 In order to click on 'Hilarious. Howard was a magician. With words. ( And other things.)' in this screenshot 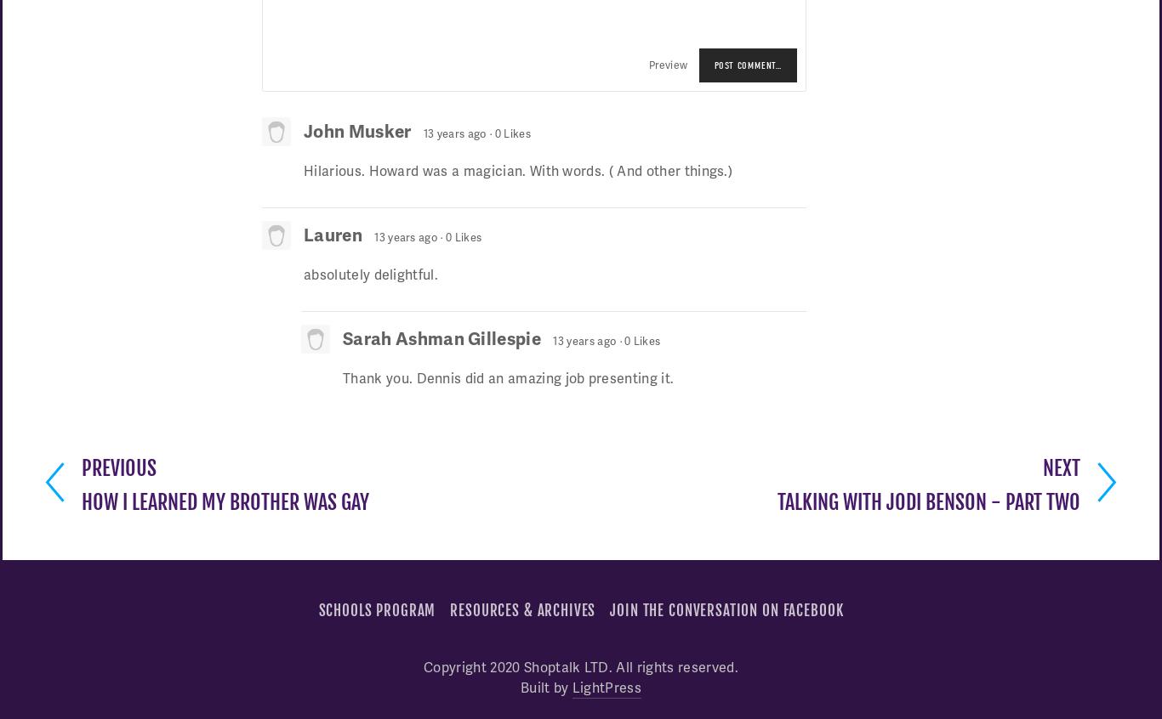, I will do `click(516, 169)`.